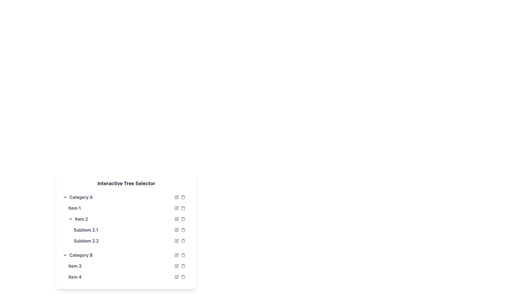 The image size is (525, 295). What do you see at coordinates (180, 277) in the screenshot?
I see `the trash icon in the action buttons group located to the right of 'Item 4'` at bounding box center [180, 277].